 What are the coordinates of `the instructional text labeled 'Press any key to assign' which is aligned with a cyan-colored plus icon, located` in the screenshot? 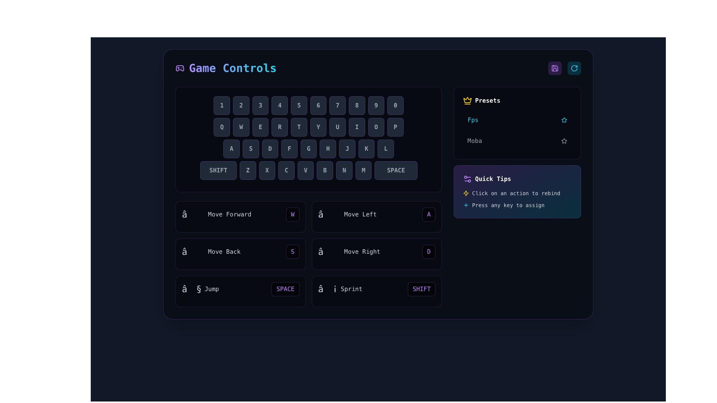 It's located at (517, 205).